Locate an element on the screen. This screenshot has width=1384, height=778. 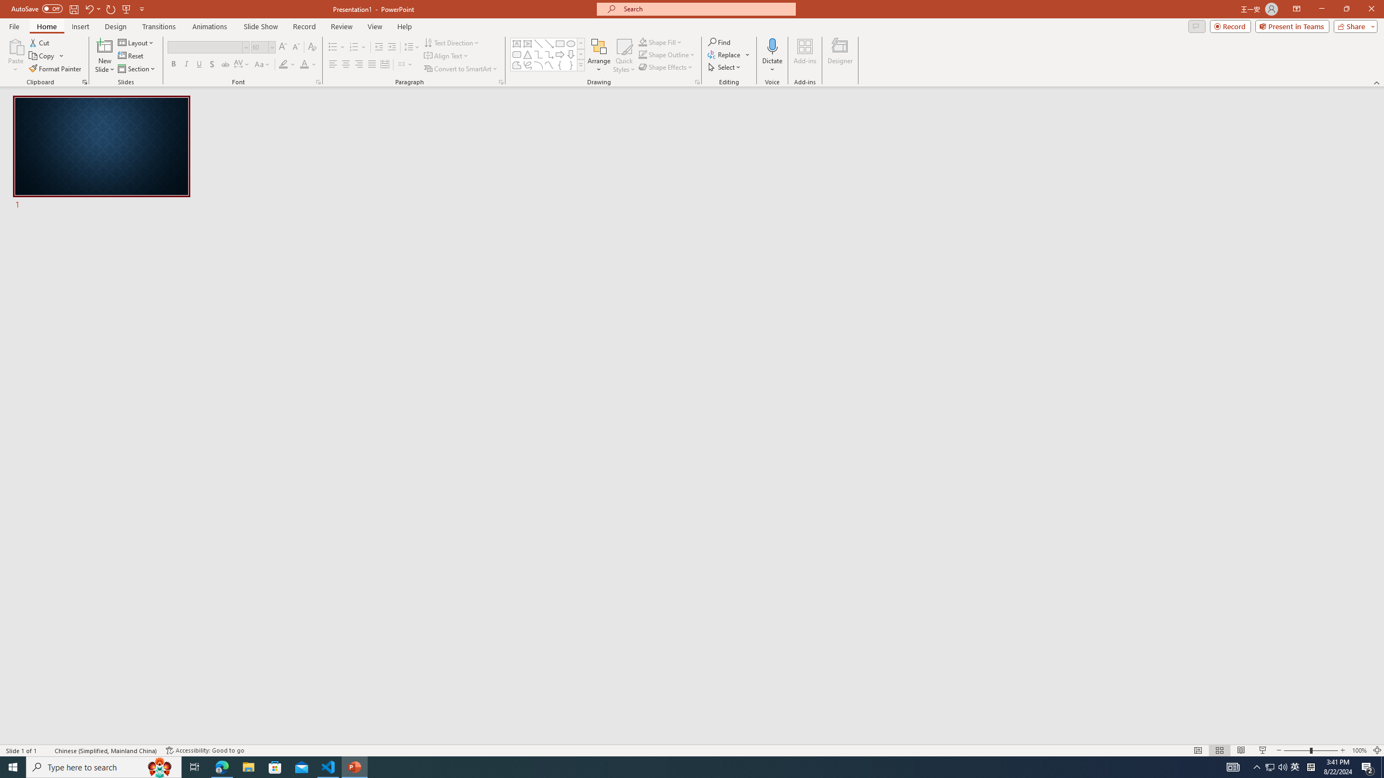
'Decrease Font Size' is located at coordinates (295, 47).